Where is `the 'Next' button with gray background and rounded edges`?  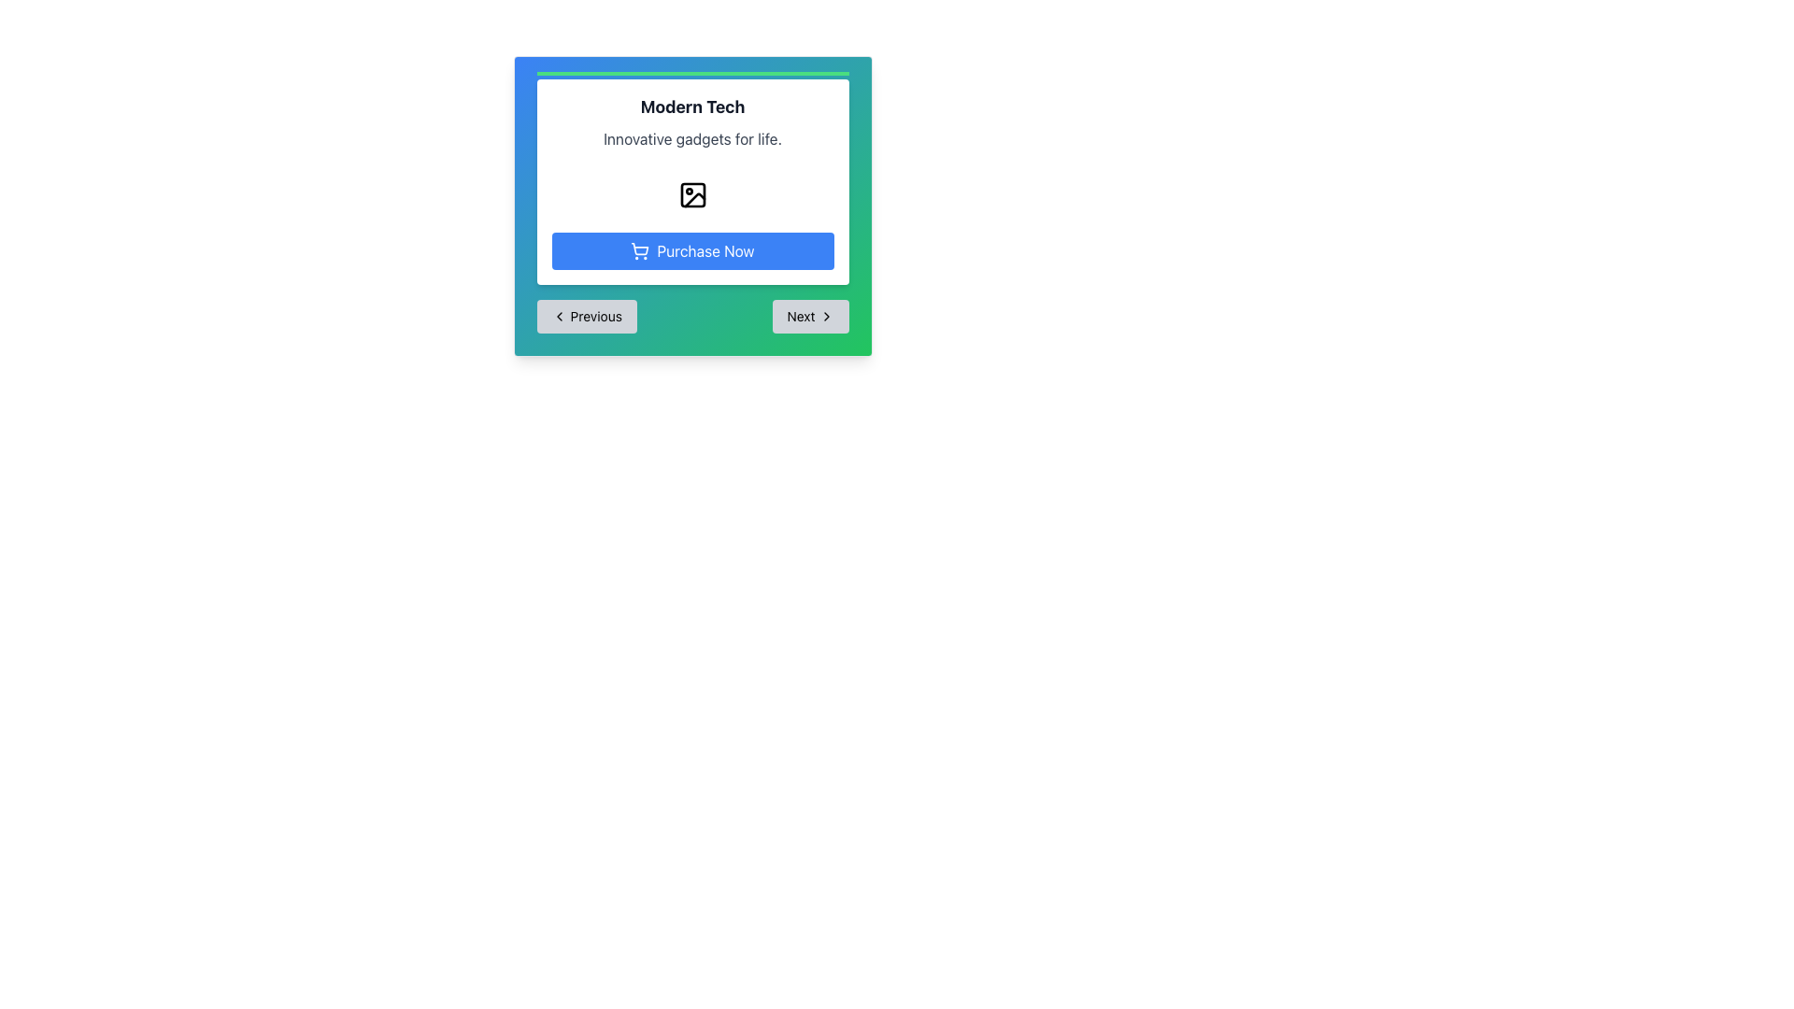 the 'Next' button with gray background and rounded edges is located at coordinates (810, 316).